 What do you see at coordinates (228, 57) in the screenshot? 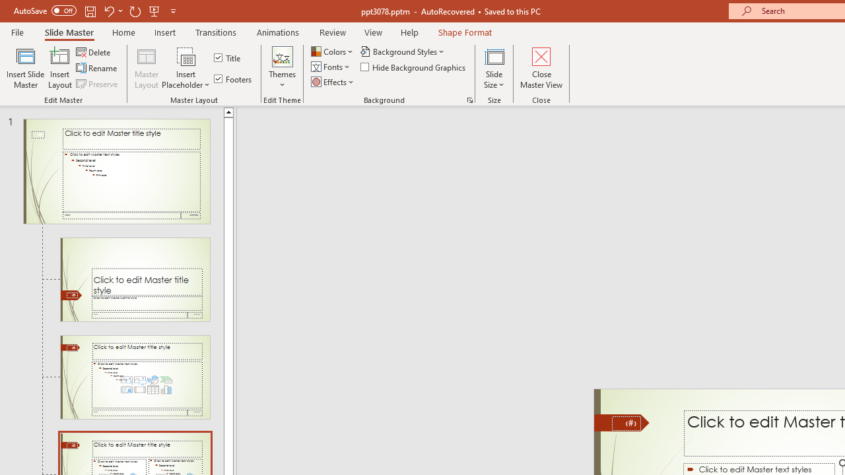
I see `'Title'` at bounding box center [228, 57].